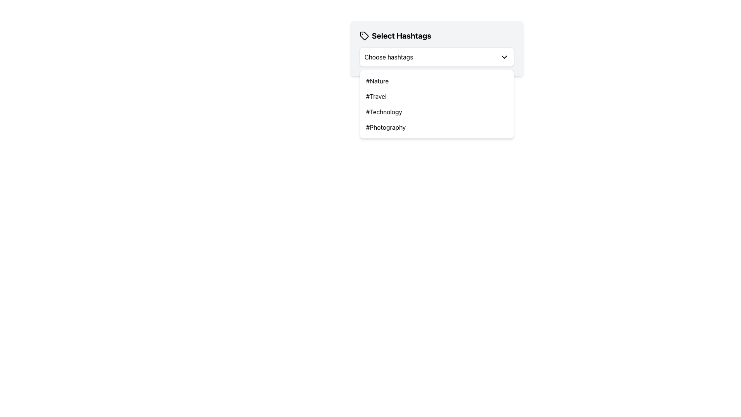 This screenshot has height=417, width=741. What do you see at coordinates (436, 112) in the screenshot?
I see `to select the '#Technology' hashtag from the selectable list item located in the 'Select Hashtags' dropdown, which is the third item in the vertical list` at bounding box center [436, 112].